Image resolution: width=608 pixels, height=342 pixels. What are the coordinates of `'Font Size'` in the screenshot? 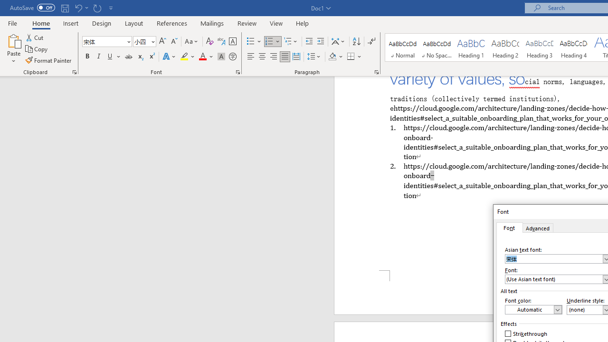 It's located at (141, 41).